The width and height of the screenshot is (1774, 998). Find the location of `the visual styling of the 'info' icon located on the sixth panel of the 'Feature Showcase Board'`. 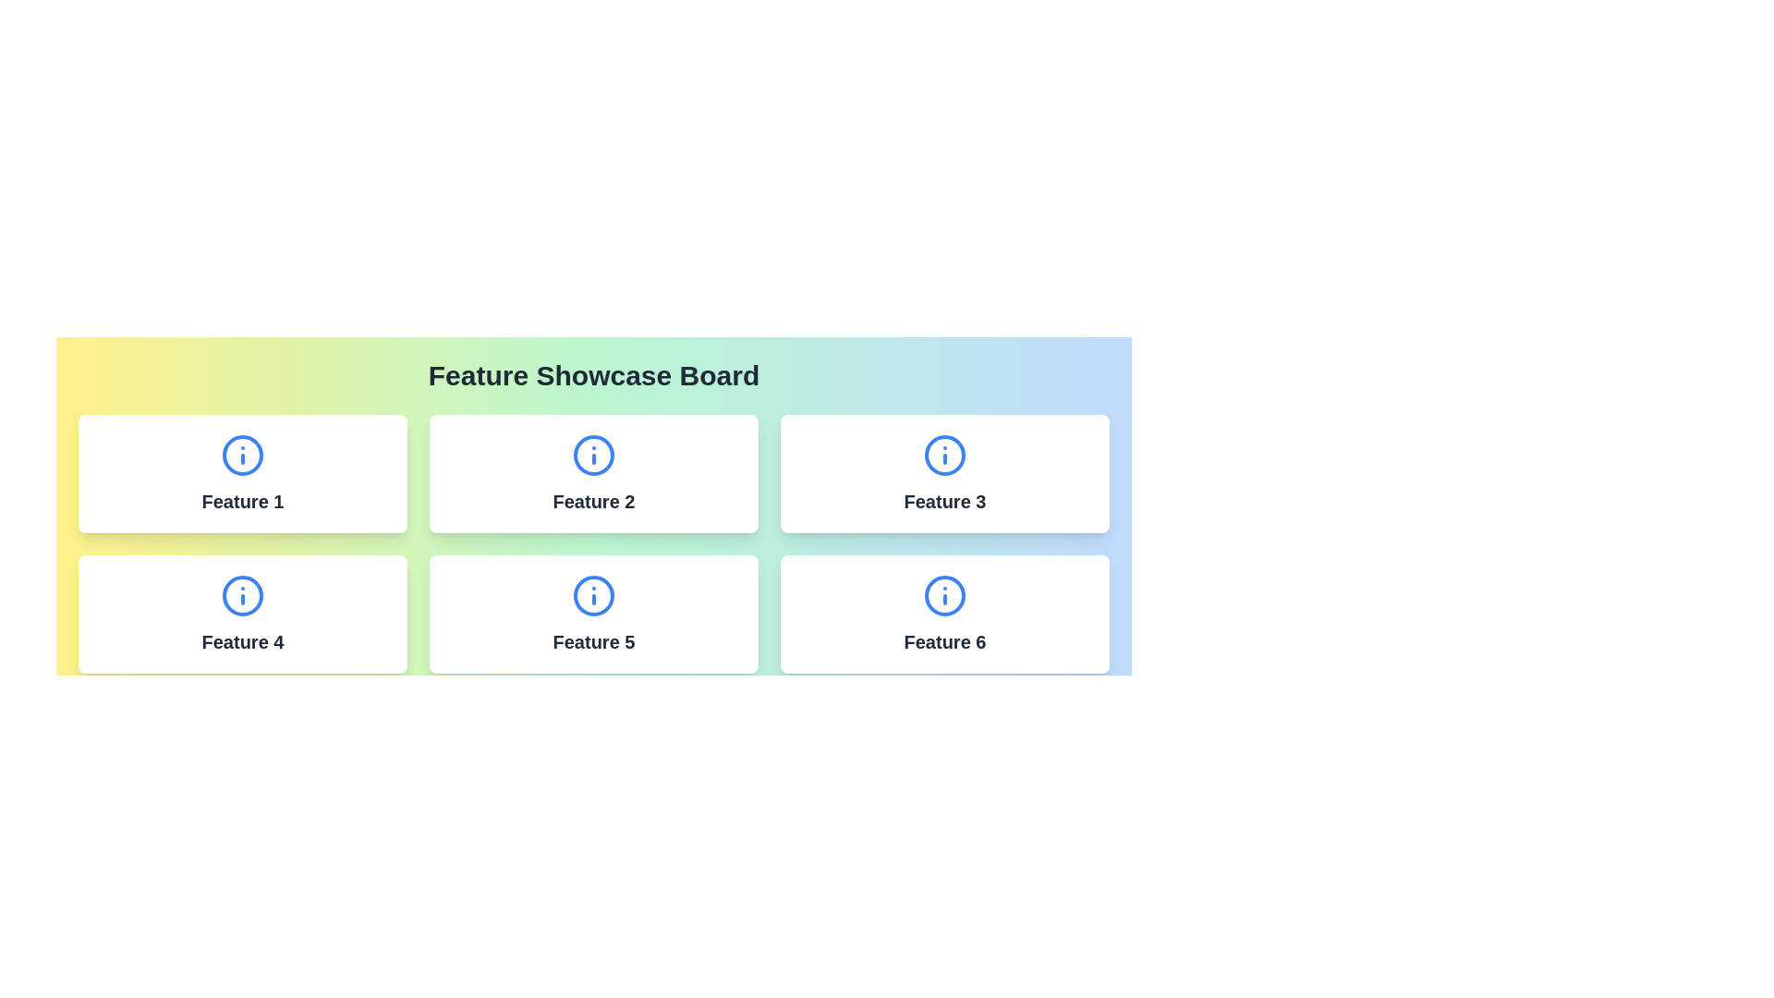

the visual styling of the 'info' icon located on the sixth panel of the 'Feature Showcase Board' is located at coordinates (944, 595).